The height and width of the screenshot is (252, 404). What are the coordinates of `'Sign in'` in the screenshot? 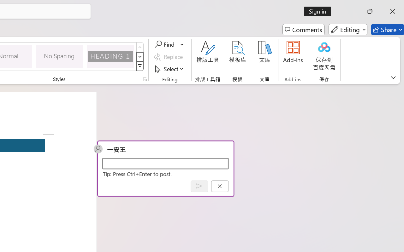 It's located at (320, 11).